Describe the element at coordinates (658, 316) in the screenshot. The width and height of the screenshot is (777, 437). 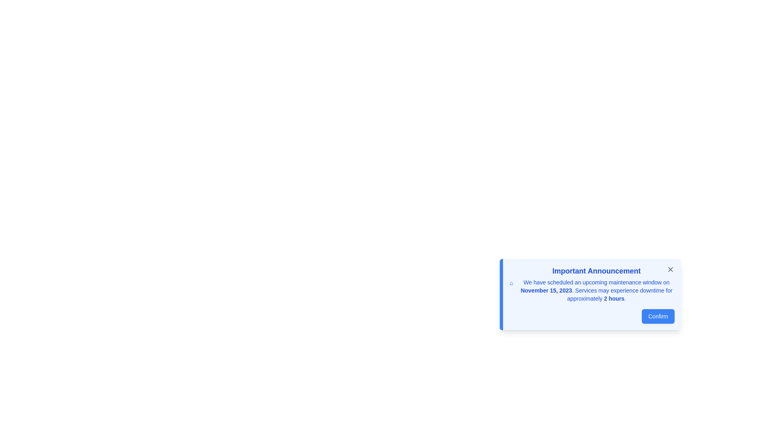
I see `the 'Confirm' button with a blue background and white text to activate its hover effects` at that location.